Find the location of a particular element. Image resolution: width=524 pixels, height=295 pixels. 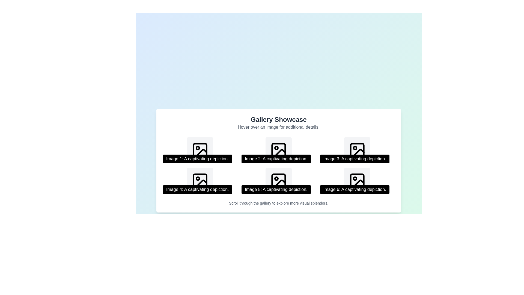

the interactive button in the gallery grid layout, which is the second item from the left in the top row is located at coordinates (279, 150).